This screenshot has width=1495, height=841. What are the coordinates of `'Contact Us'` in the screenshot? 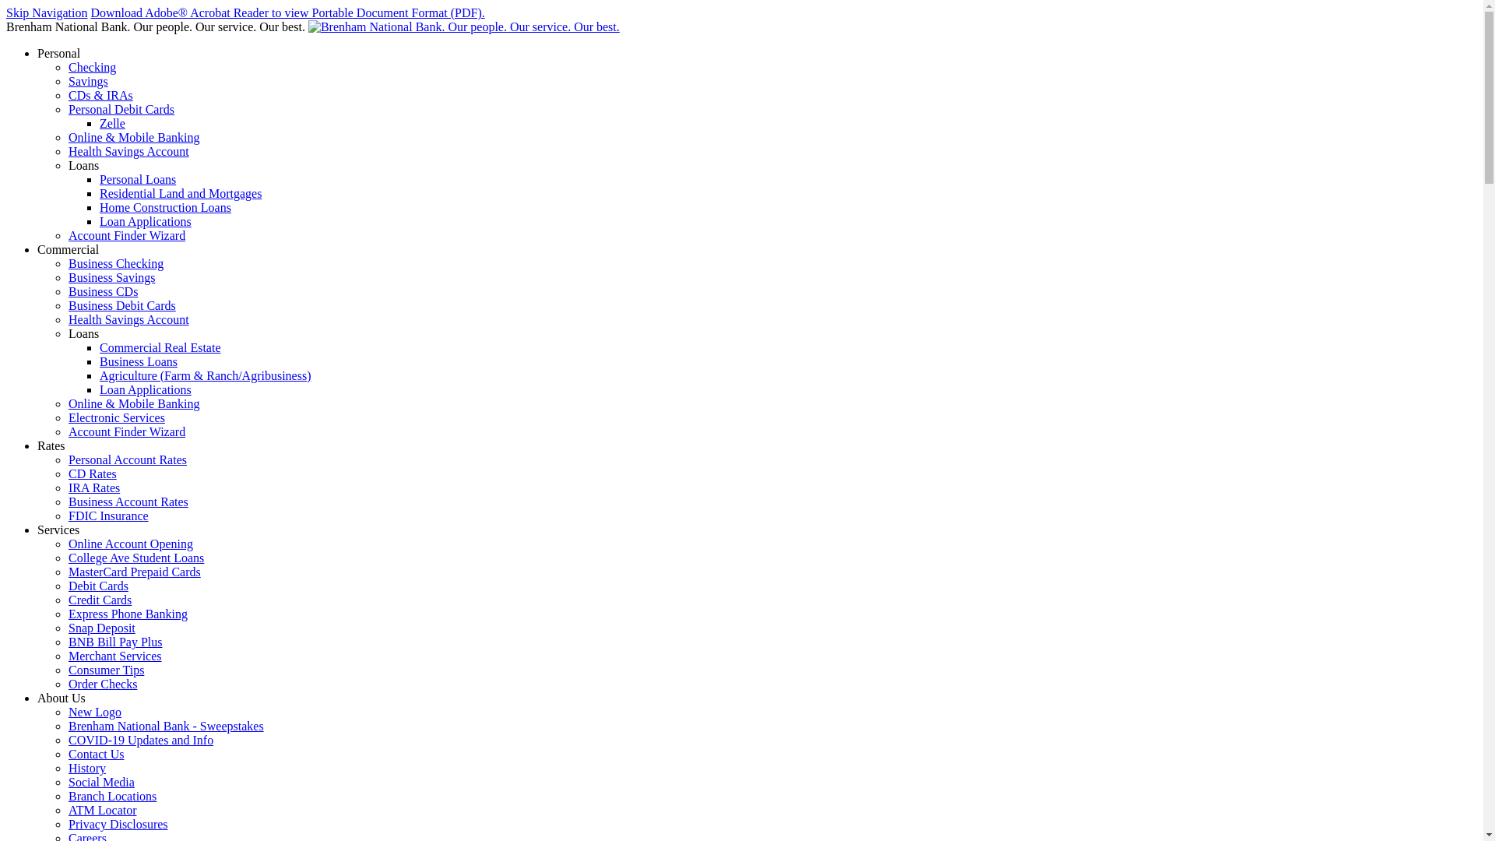 It's located at (96, 753).